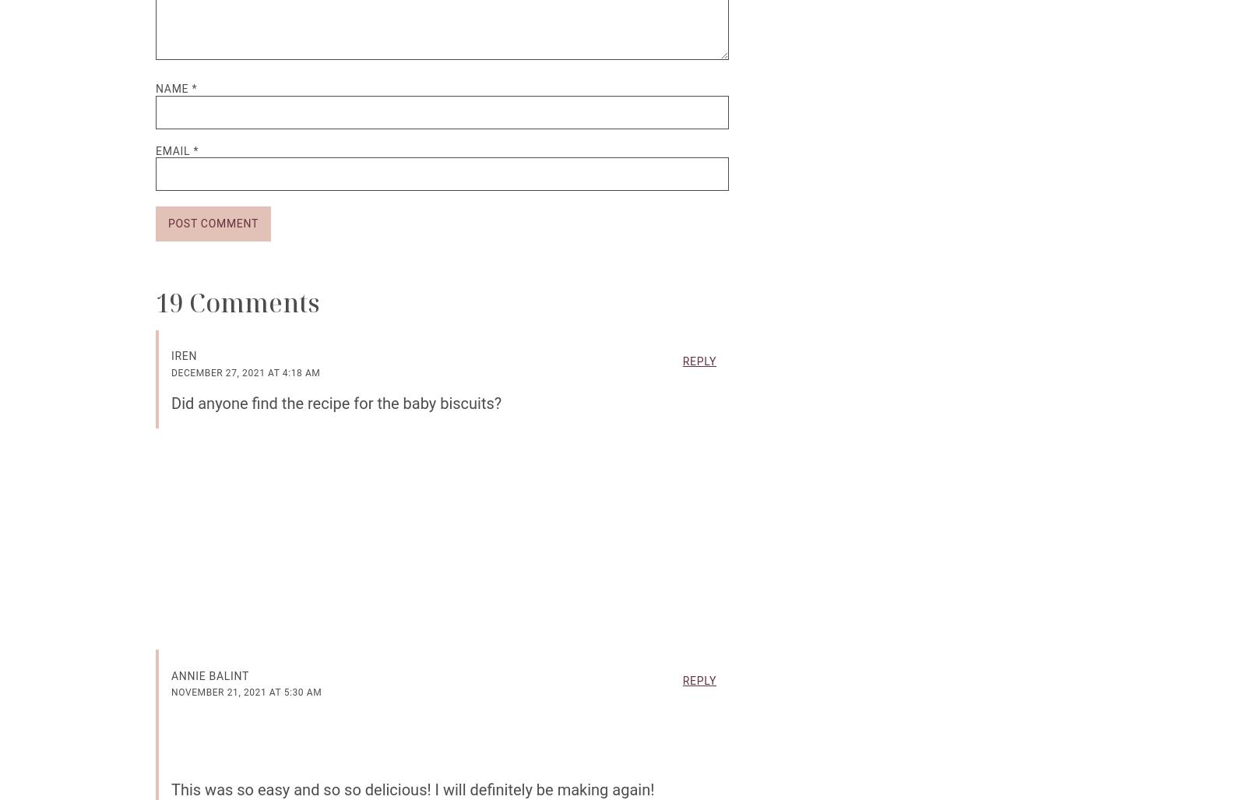  What do you see at coordinates (155, 87) in the screenshot?
I see `'Name'` at bounding box center [155, 87].